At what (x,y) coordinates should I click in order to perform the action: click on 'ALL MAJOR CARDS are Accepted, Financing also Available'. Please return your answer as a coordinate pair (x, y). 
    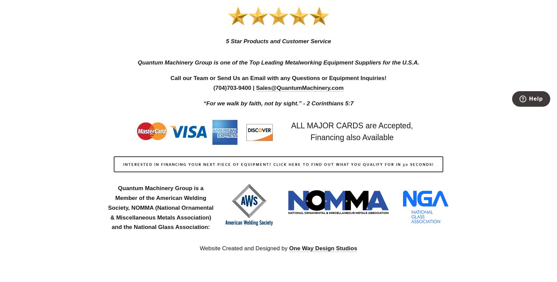
    Looking at the image, I should click on (353, 131).